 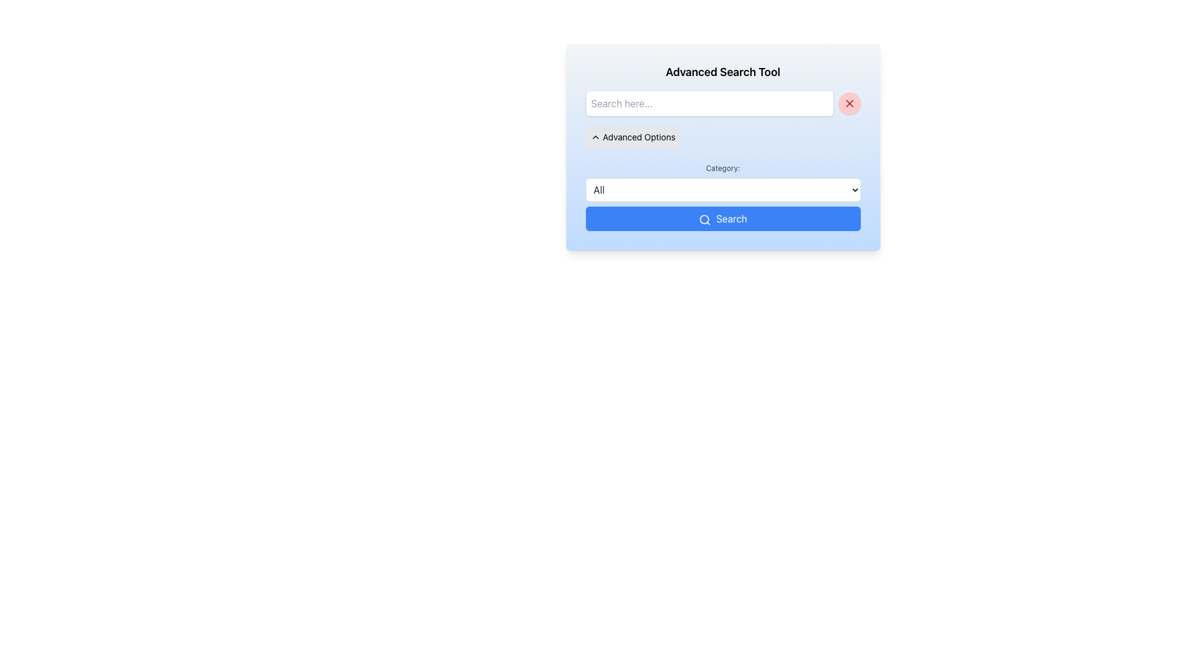 I want to click on the 'Advanced Options' section in the card-like interface of the 'Advanced Search Tool', so click(x=723, y=146).